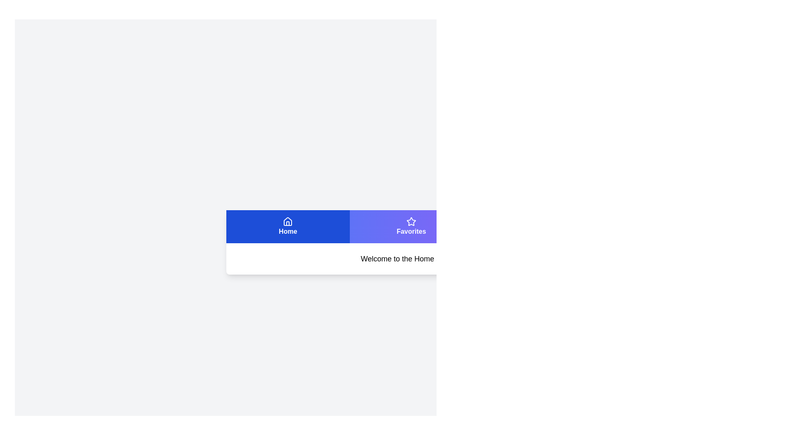 Image resolution: width=793 pixels, height=446 pixels. I want to click on the Text element displaying 'Welcome to the Home section!' which is bold and centered below the blue navigation bar, so click(411, 259).